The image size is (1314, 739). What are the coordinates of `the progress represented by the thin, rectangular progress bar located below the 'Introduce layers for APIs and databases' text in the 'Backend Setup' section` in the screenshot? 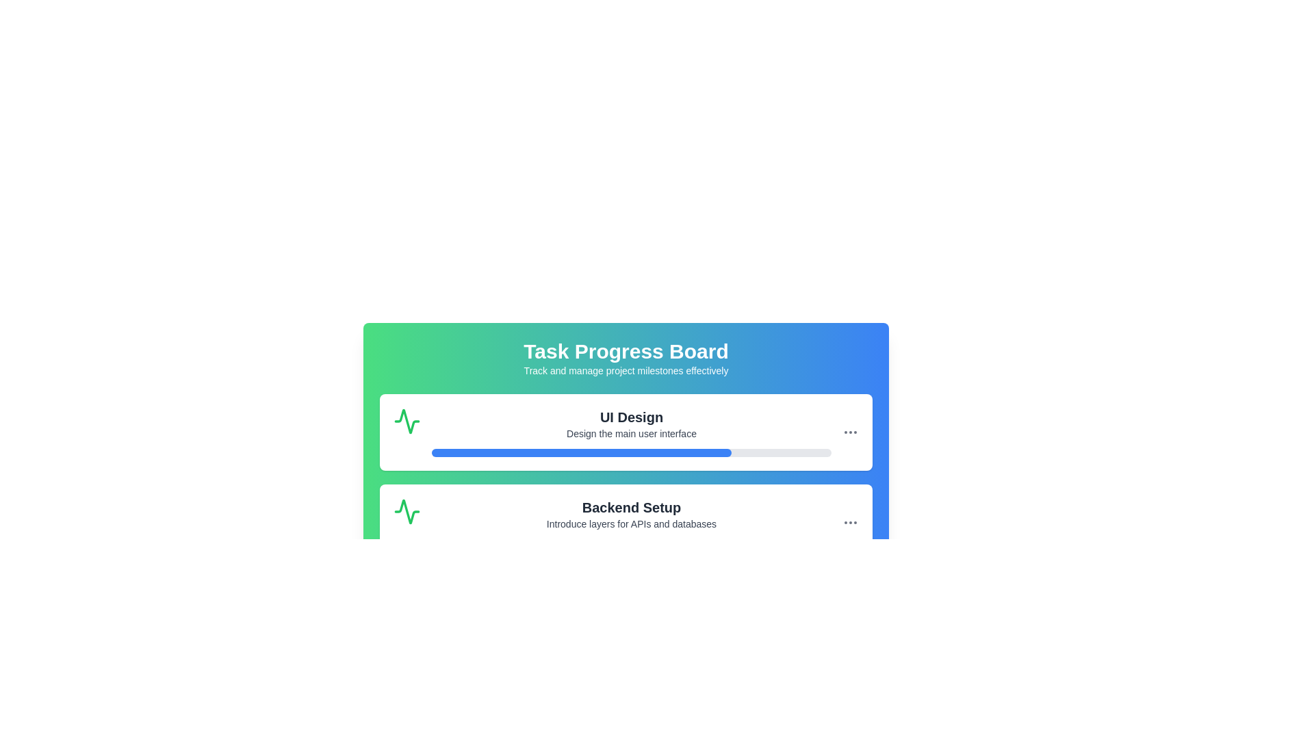 It's located at (630, 543).